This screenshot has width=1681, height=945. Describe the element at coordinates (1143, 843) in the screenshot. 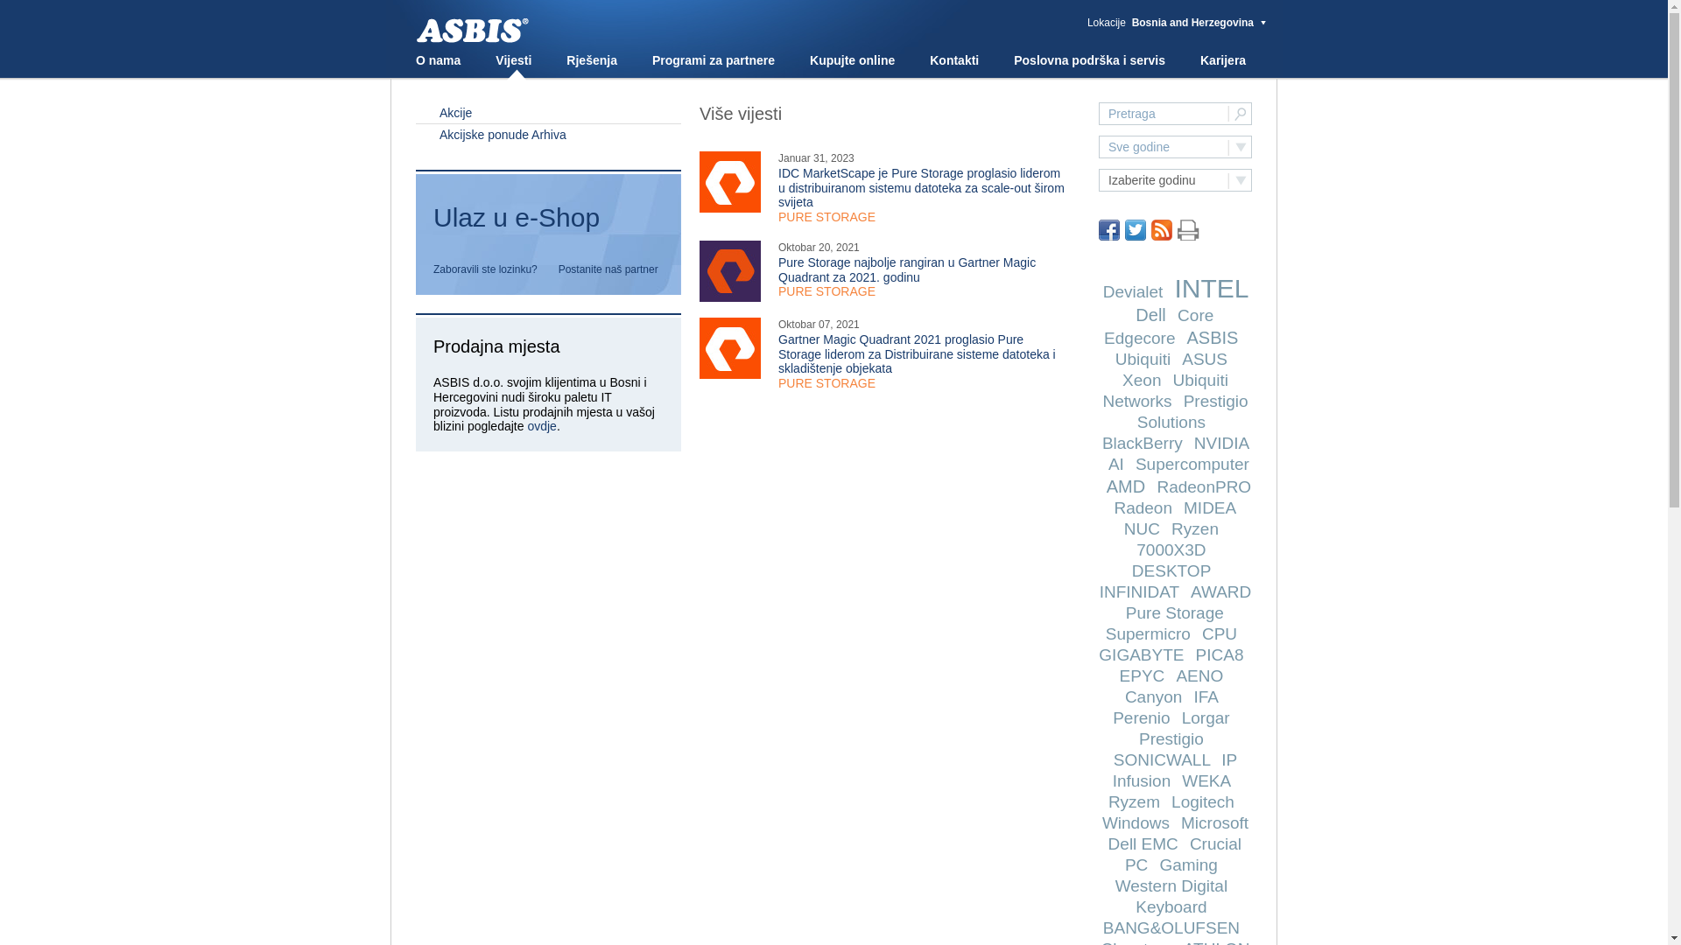

I see `'Dell EMC'` at that location.